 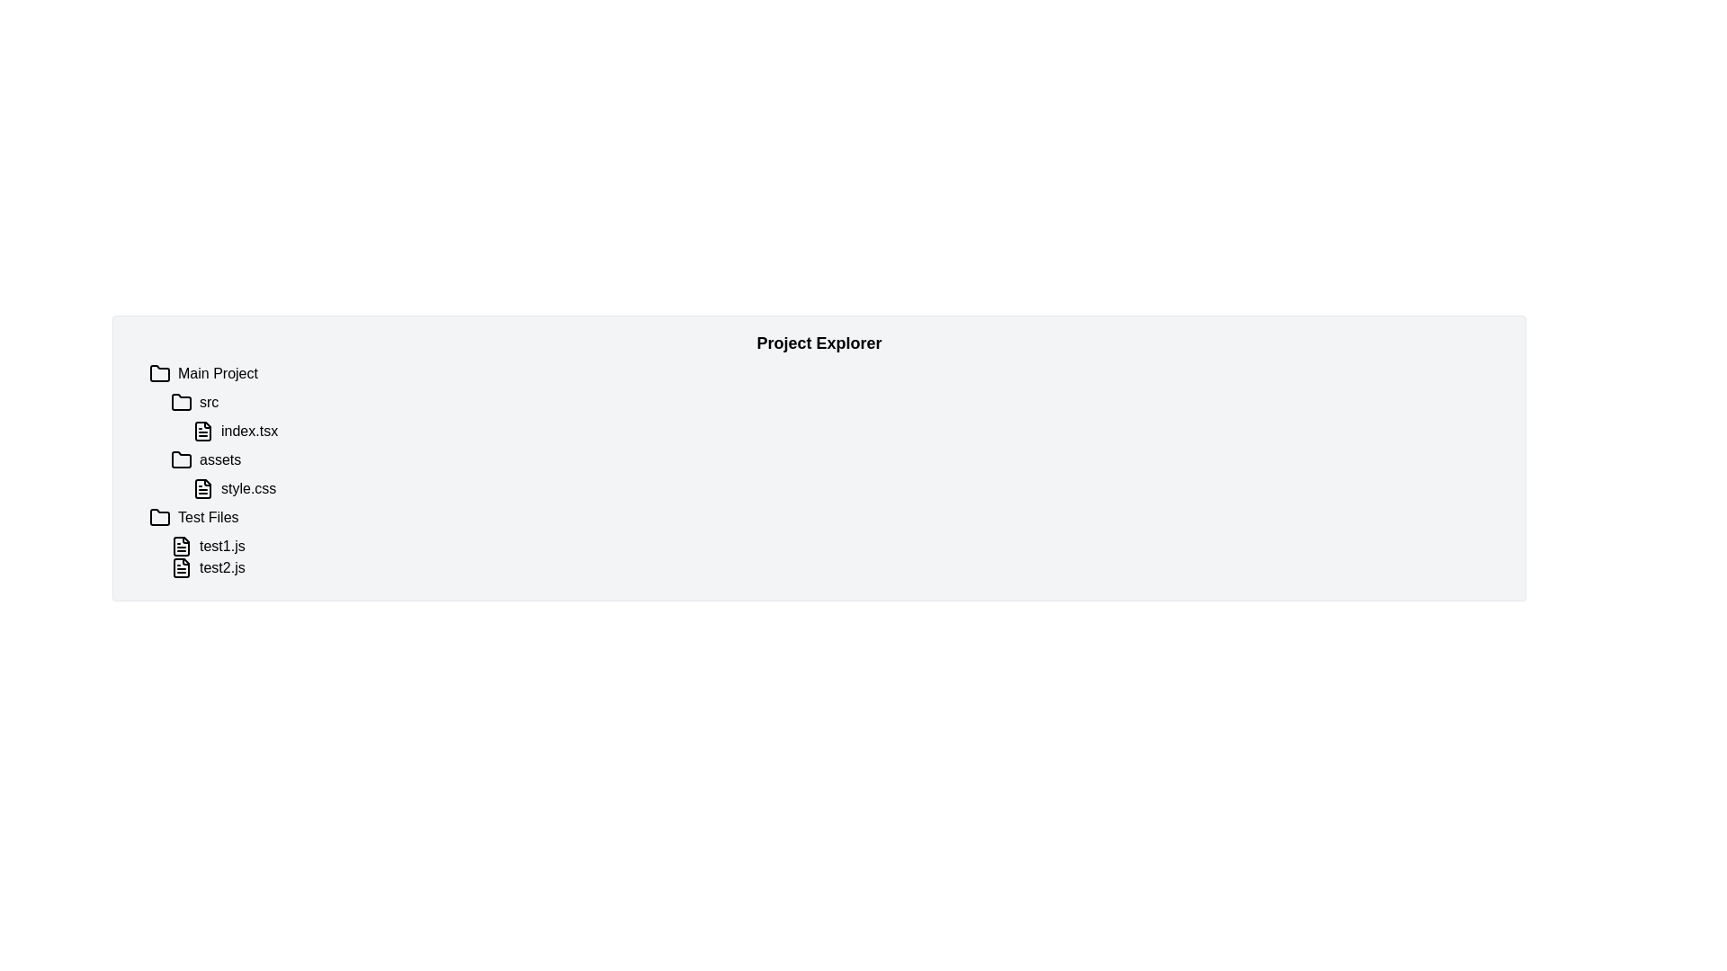 What do you see at coordinates (219, 459) in the screenshot?
I see `the 'assets' text label located under the 'src' folder in the file explorer` at bounding box center [219, 459].